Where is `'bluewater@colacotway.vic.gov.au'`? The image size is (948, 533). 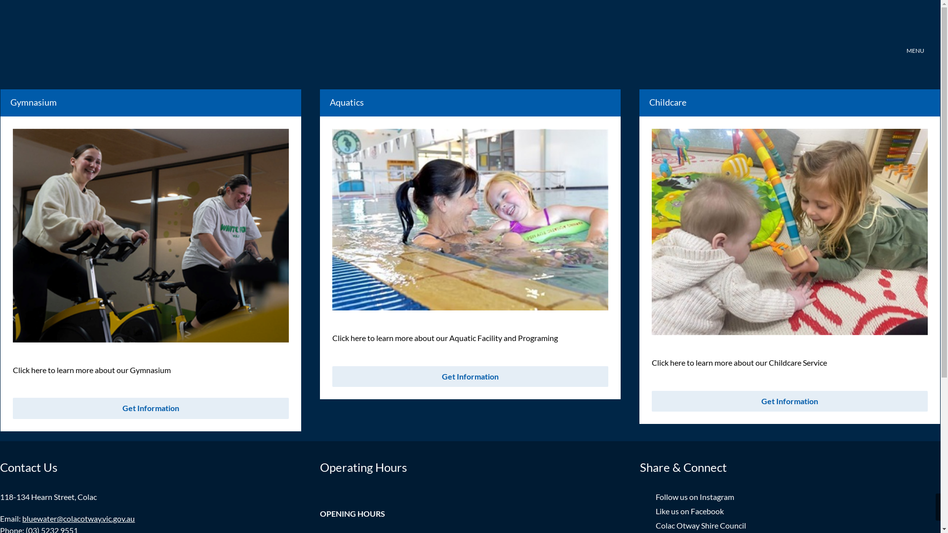
'bluewater@colacotway.vic.gov.au' is located at coordinates (78, 518).